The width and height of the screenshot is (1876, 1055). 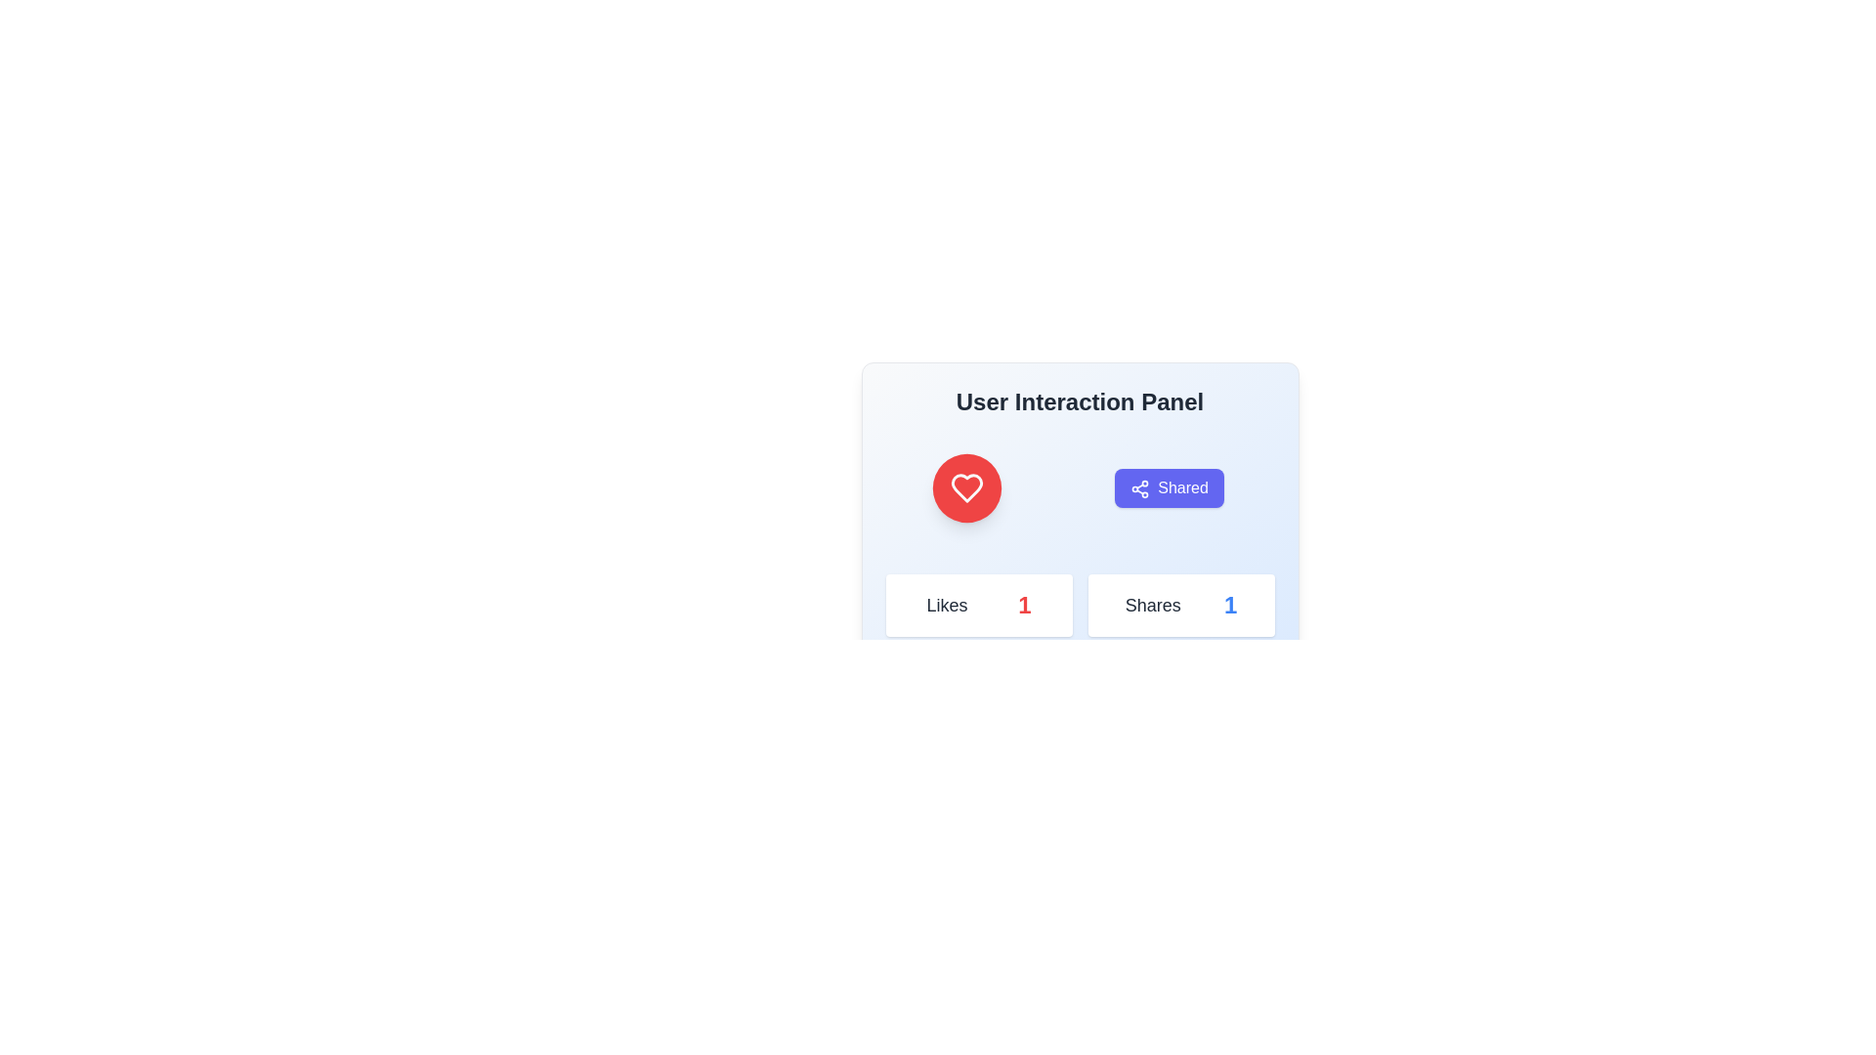 What do you see at coordinates (967, 487) in the screenshot?
I see `the heart icon located inside the circular button in the top-left corner of the 'User Interaction Panel' to express a 'Like' or 'Favorite' interaction` at bounding box center [967, 487].